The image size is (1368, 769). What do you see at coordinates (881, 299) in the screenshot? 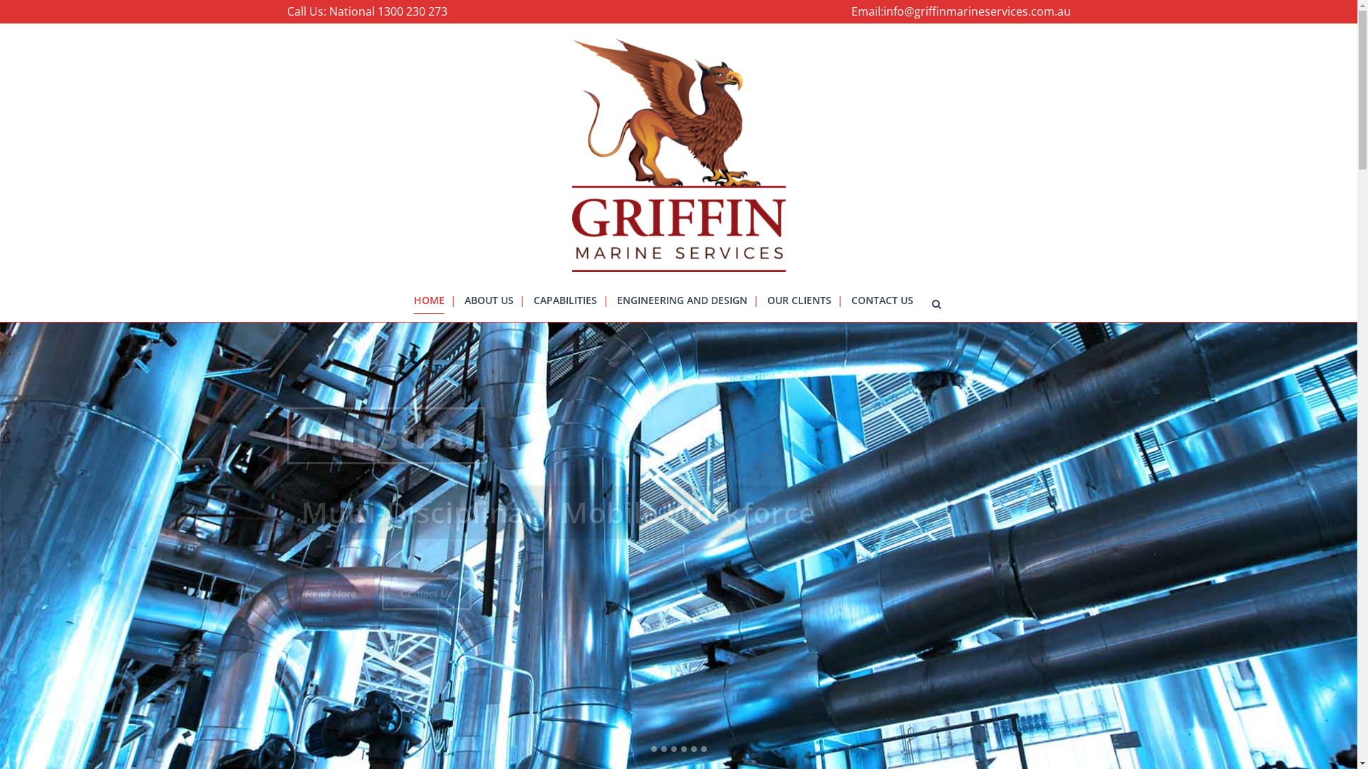
I see `'CONTACT US'` at bounding box center [881, 299].